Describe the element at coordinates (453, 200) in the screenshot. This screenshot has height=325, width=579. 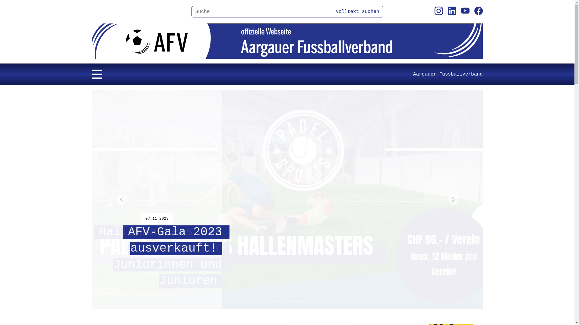
I see `'Next'` at that location.